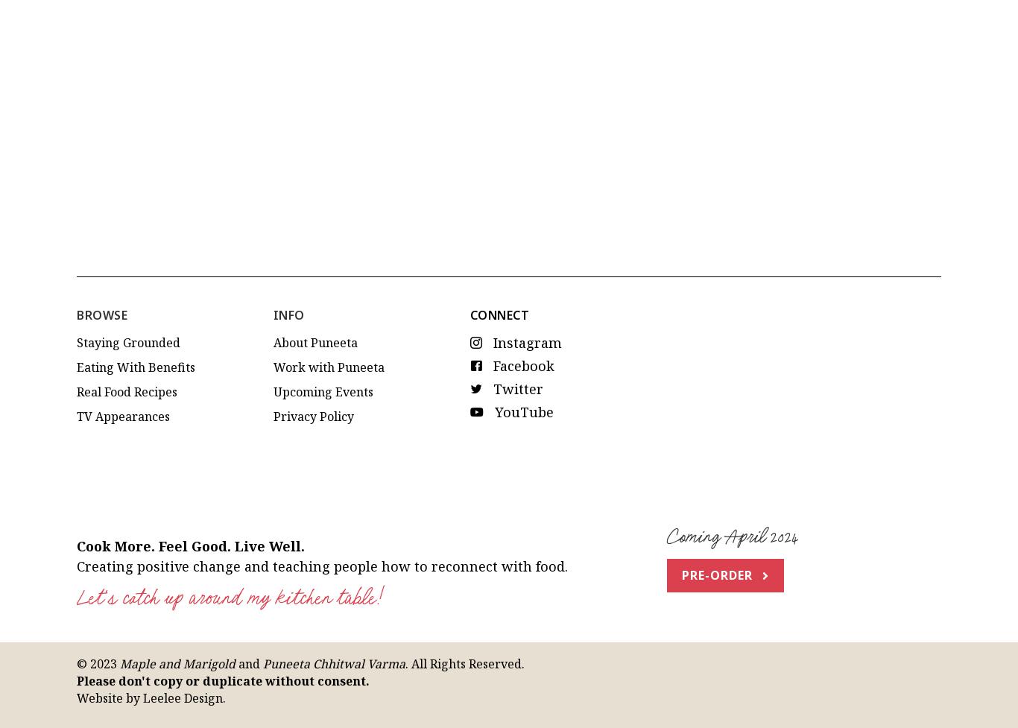  I want to click on 'Info', so click(287, 191).